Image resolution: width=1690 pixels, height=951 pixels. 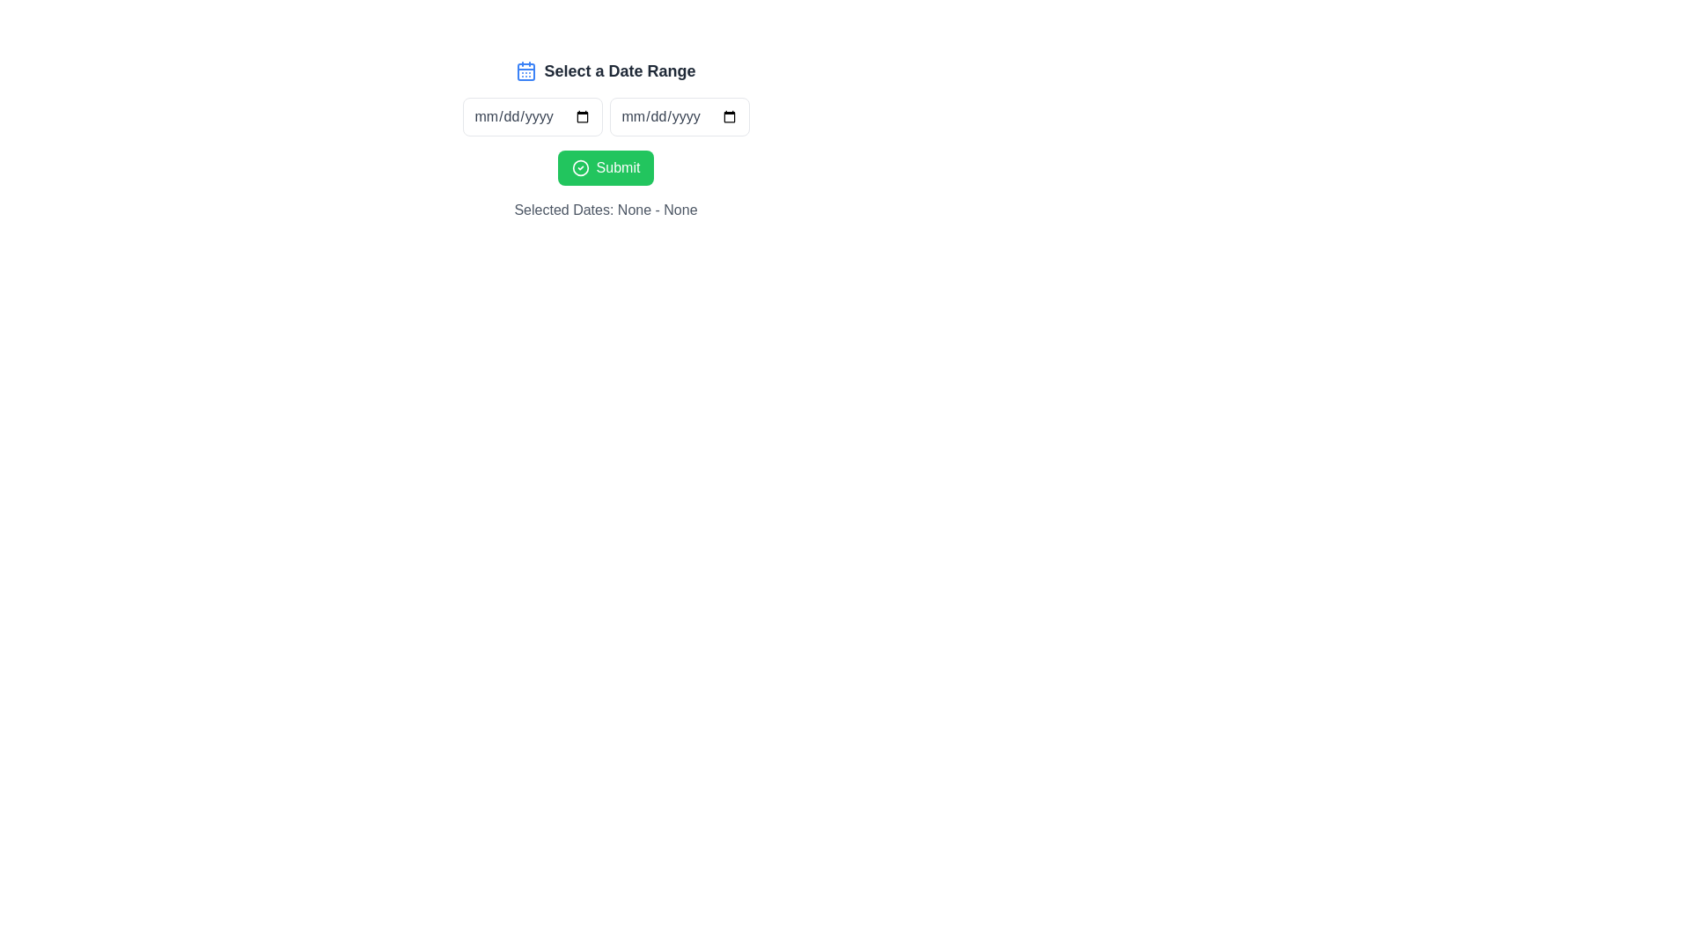 I want to click on the text label displaying 'Select a Date Range', which is a bold, large font in dark gray, located near the top of the interface, to the right of the calendar icon, so click(x=620, y=70).